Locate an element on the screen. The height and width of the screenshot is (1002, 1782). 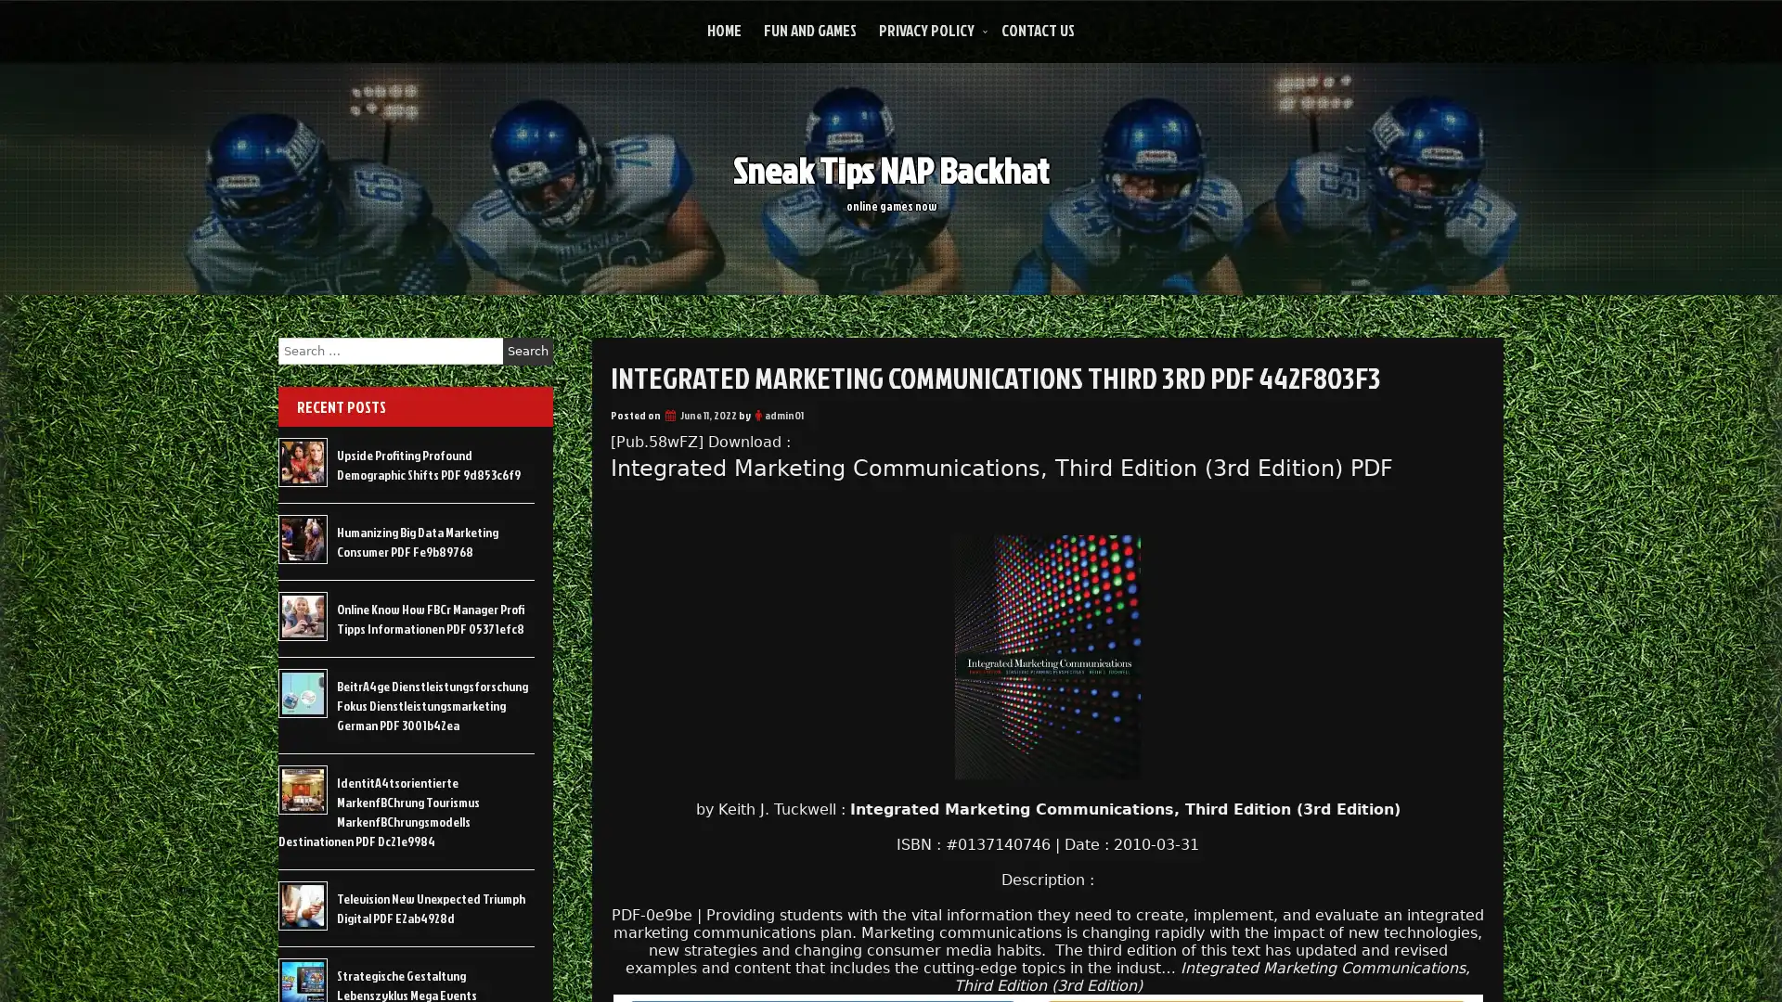
Search is located at coordinates (527, 351).